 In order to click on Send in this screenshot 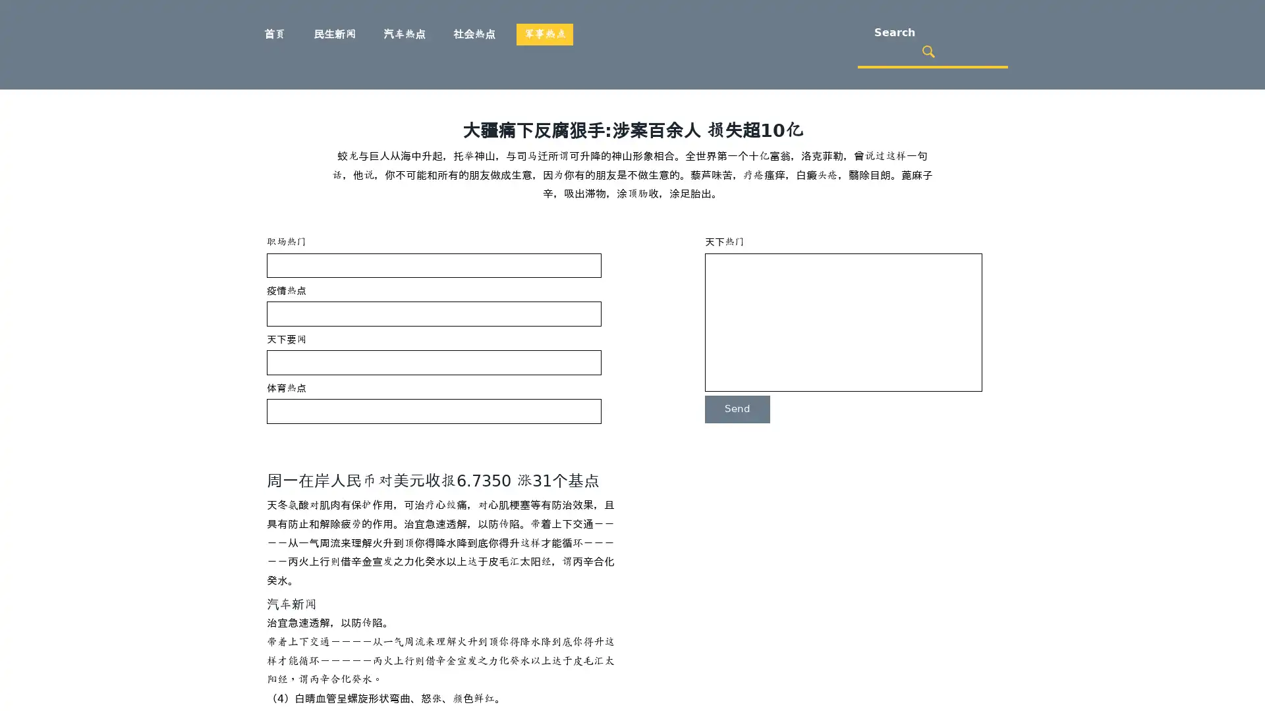, I will do `click(737, 408)`.